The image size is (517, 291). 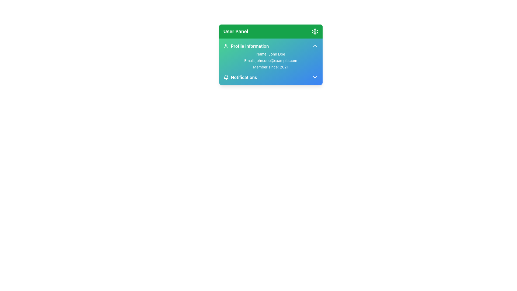 I want to click on the chevron SVG icon next to the 'Notifications' title, so click(x=315, y=77).